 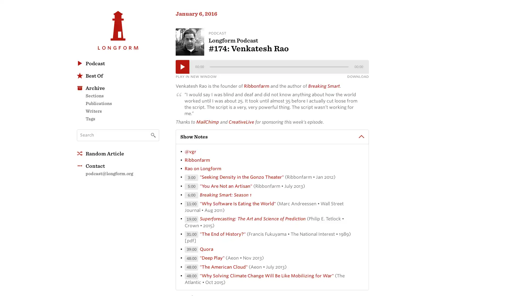 I want to click on 31:00, so click(x=191, y=235).